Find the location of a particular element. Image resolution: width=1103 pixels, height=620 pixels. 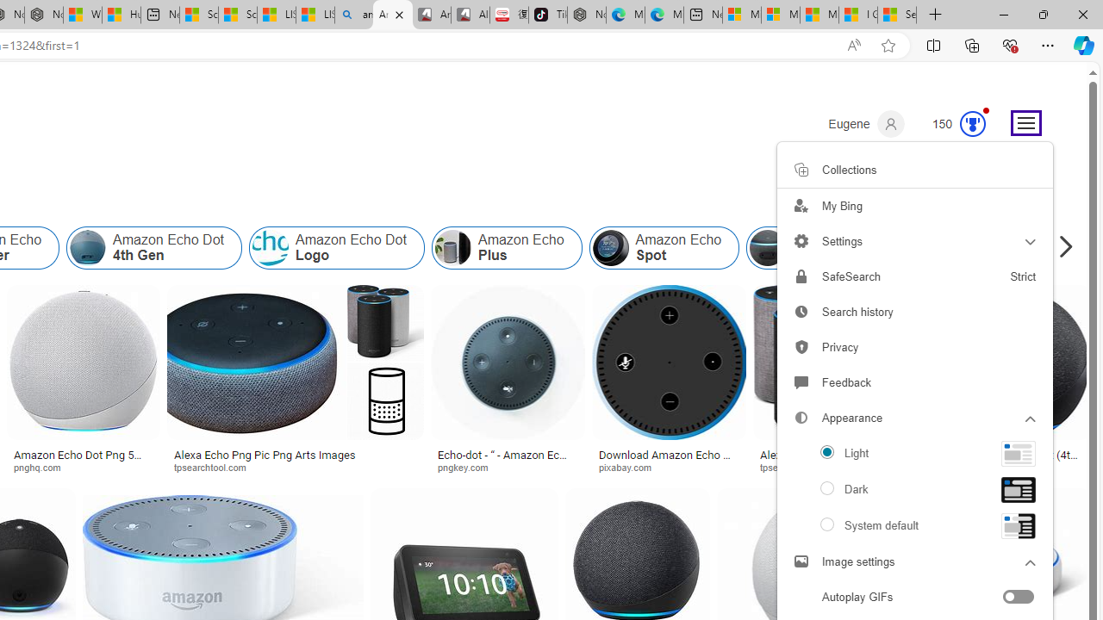

'Eugene' is located at coordinates (866, 123).